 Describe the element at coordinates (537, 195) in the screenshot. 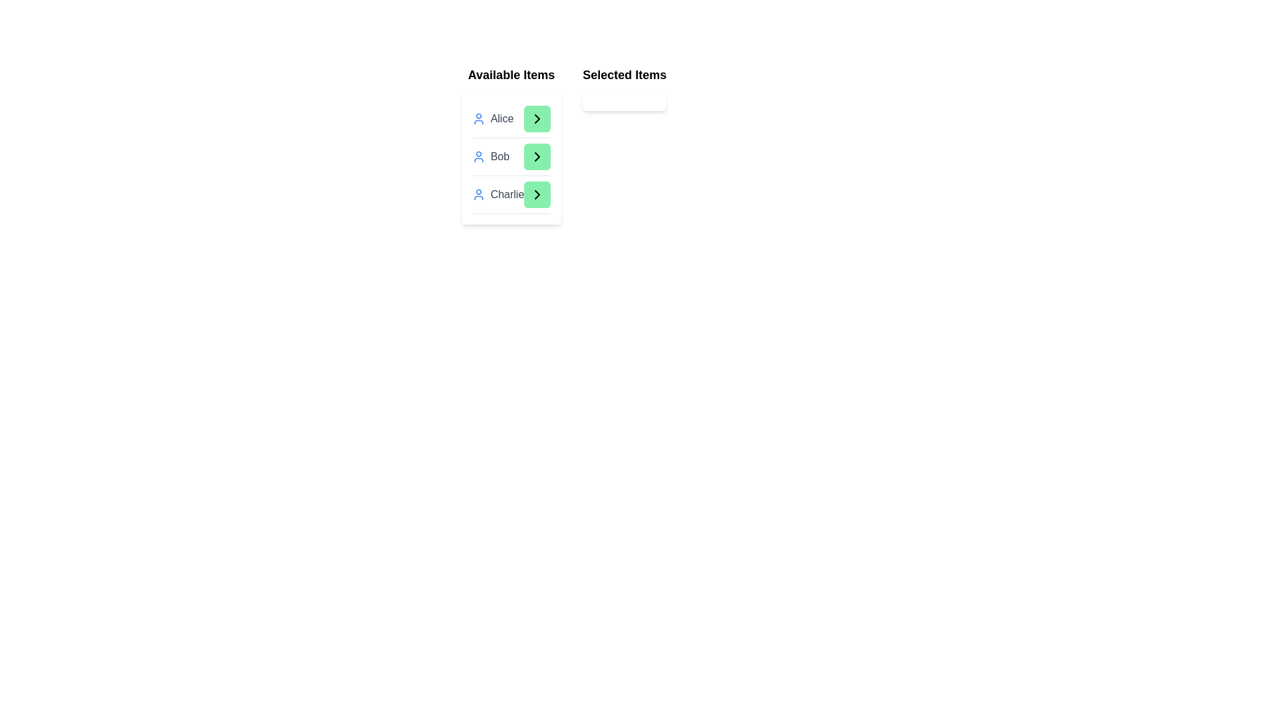

I see `green arrow button next to the item Charlie in the 'Available Items' list to transfer it to the 'Selected Items' list` at that location.